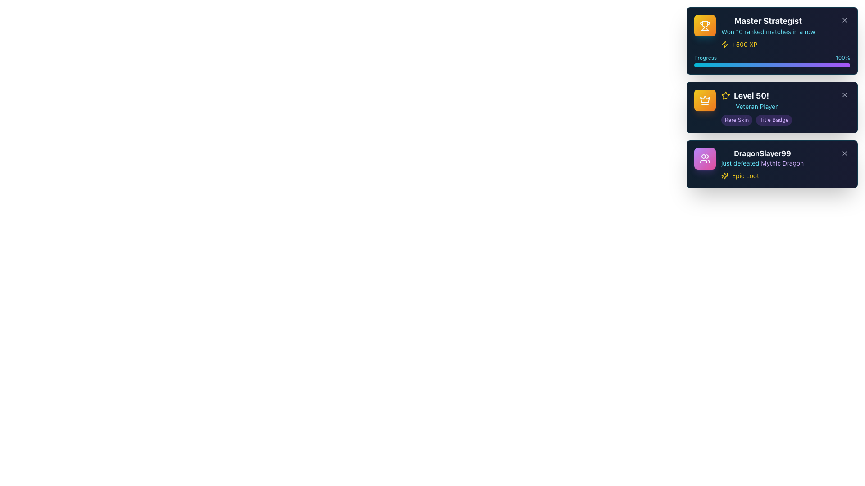  Describe the element at coordinates (844, 153) in the screenshot. I see `the close button located at the top-right corner of the notification box that mentions 'DragonSlayer99 just defeated Mythic Dragon'` at that location.